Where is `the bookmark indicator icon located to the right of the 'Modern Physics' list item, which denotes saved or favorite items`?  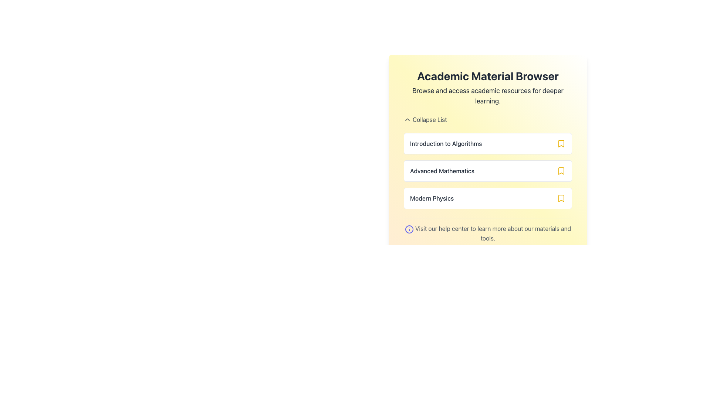
the bookmark indicator icon located to the right of the 'Modern Physics' list item, which denotes saved or favorite items is located at coordinates (561, 198).